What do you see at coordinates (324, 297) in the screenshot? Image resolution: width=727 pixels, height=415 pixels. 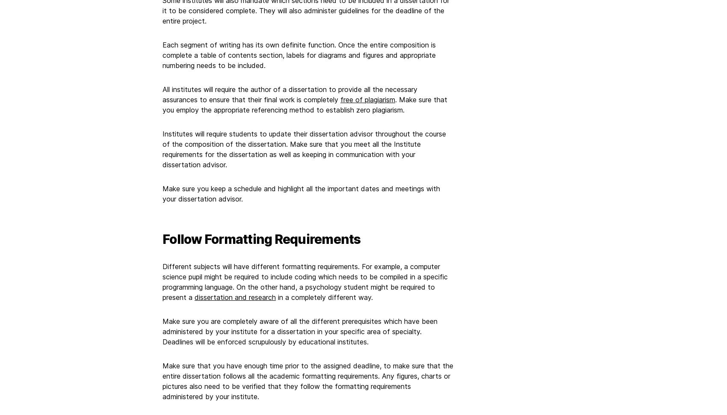 I see `'in a completely different way.'` at bounding box center [324, 297].